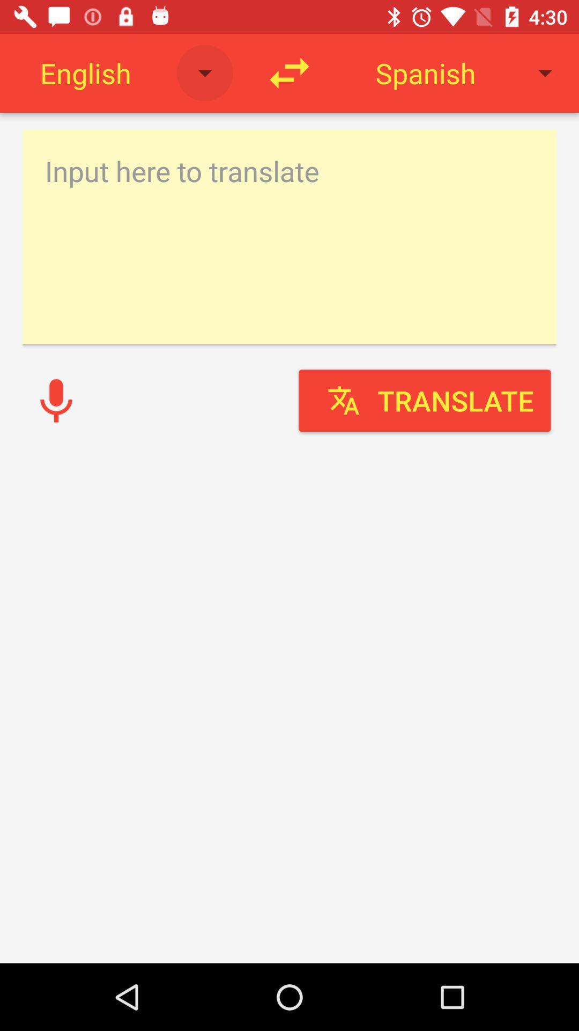  Describe the element at coordinates (289, 236) in the screenshot. I see `translate english text to spanish translate english voice to spanish` at that location.